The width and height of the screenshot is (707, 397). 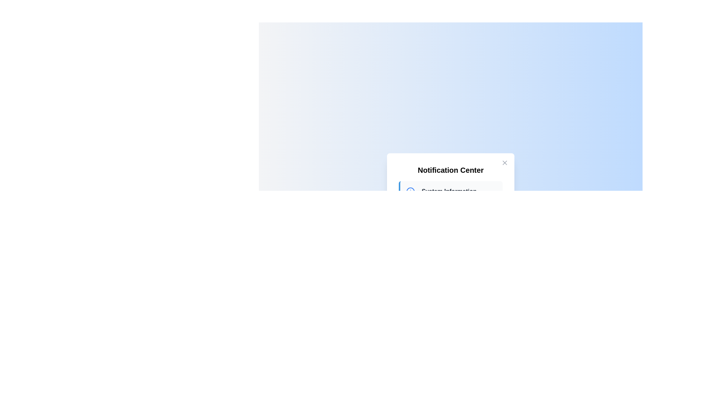 I want to click on the informational icon located at the center of the SVG graphic in the Notification Center modal dialog, so click(x=410, y=191).